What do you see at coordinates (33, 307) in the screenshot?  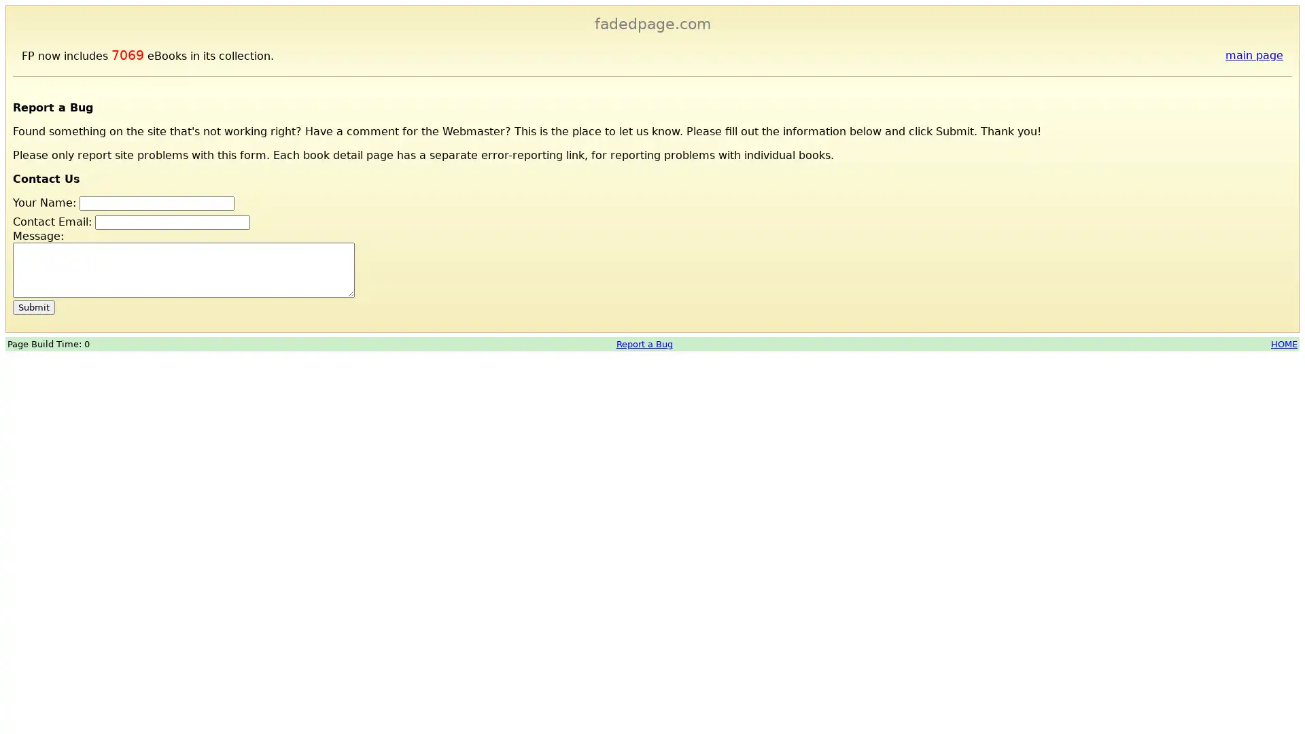 I see `Submit` at bounding box center [33, 307].